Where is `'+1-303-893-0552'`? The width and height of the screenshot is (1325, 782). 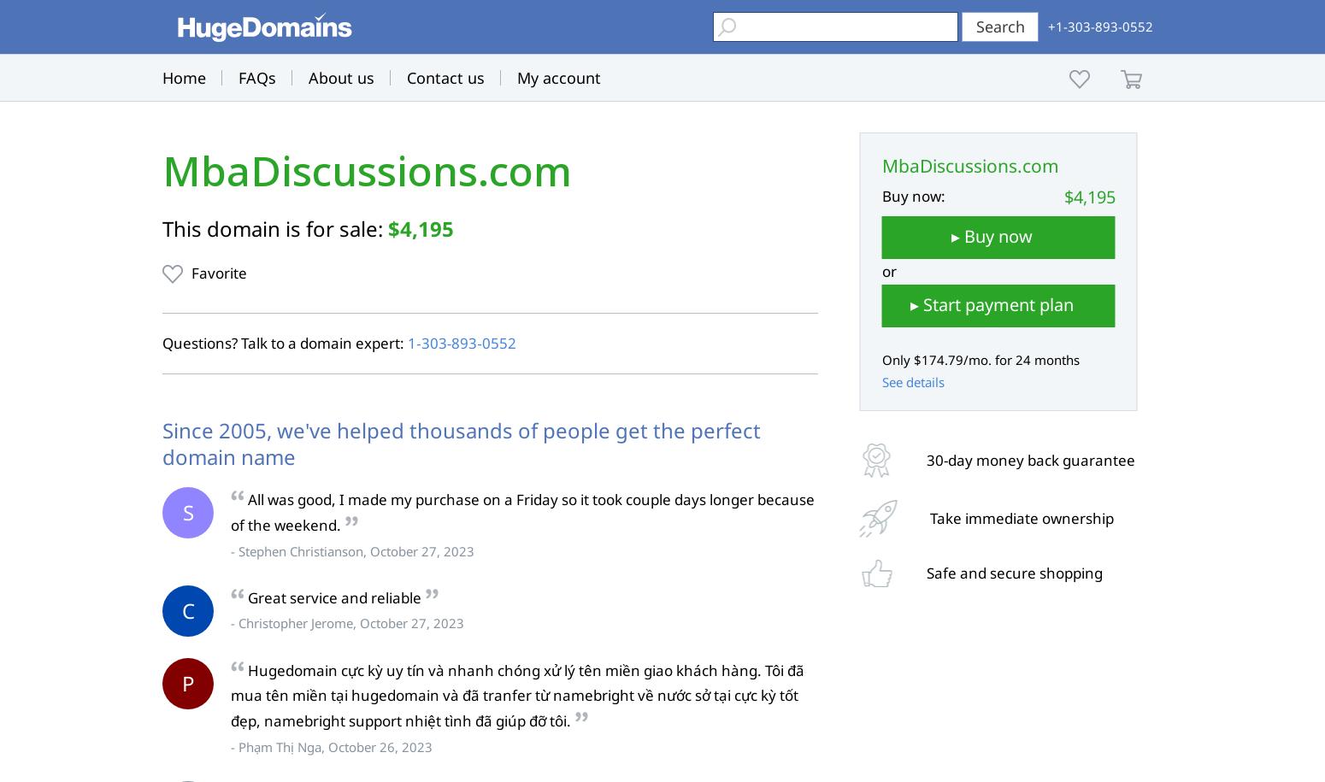 '+1-303-893-0552' is located at coordinates (1099, 26).